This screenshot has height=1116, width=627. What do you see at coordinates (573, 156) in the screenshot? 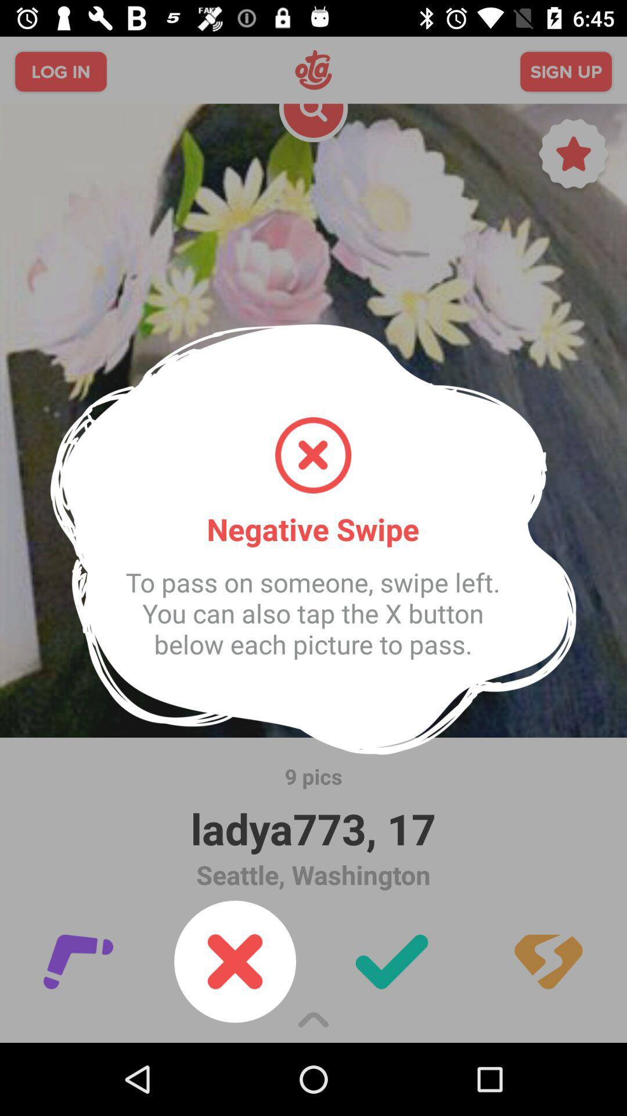
I see `the star symbol` at bounding box center [573, 156].